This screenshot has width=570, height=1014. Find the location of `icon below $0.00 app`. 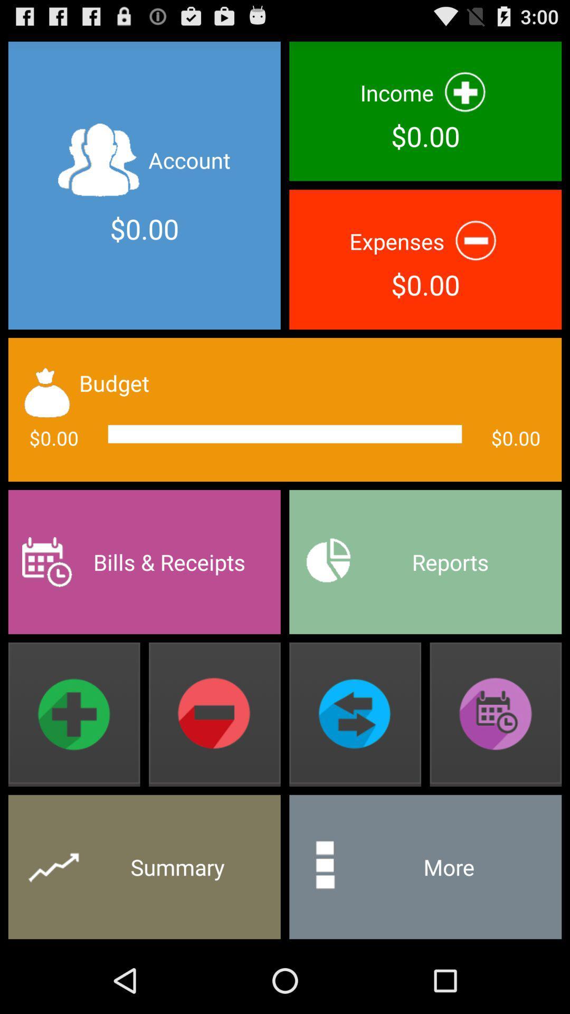

icon below $0.00 app is located at coordinates (425, 561).